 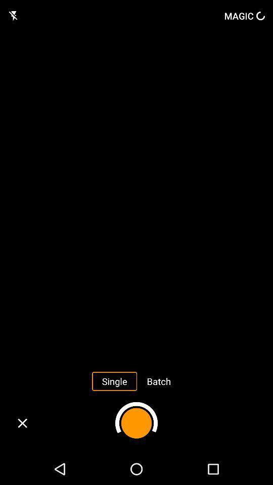 I want to click on the close icon, so click(x=22, y=423).